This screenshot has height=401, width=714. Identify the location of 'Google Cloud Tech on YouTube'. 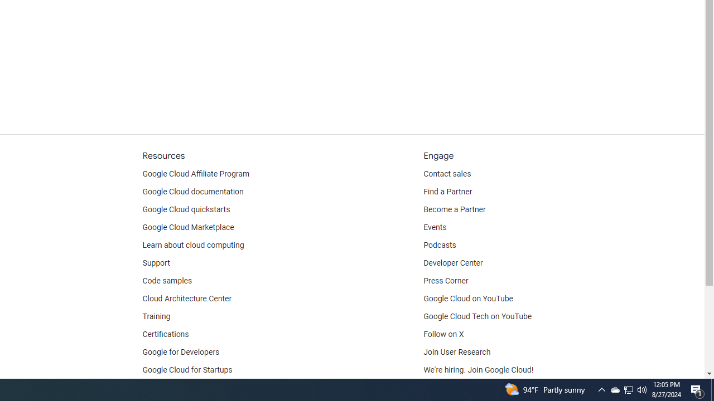
(477, 316).